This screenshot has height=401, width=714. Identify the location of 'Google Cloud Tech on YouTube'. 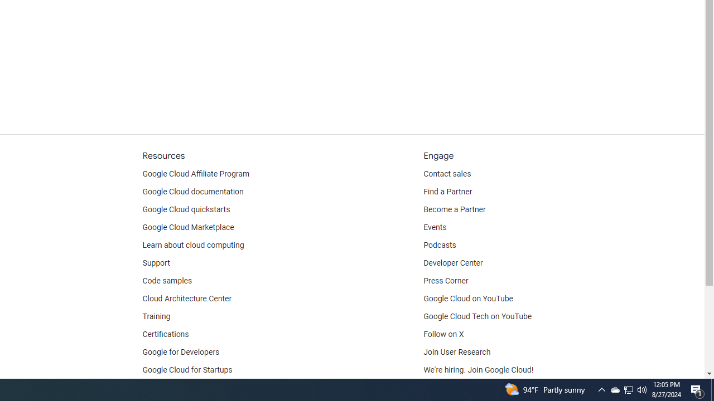
(477, 316).